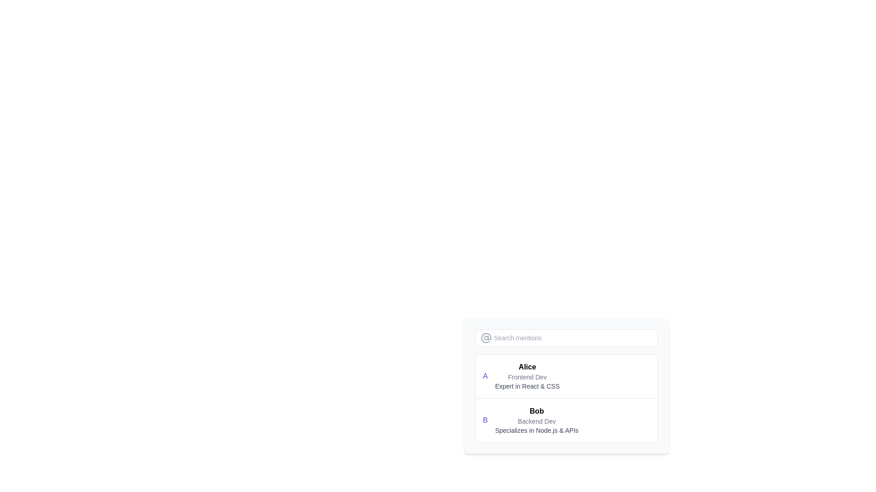  I want to click on information displayed in the User Profile Card for 'Alice', which includes the title, role, and description, so click(566, 376).